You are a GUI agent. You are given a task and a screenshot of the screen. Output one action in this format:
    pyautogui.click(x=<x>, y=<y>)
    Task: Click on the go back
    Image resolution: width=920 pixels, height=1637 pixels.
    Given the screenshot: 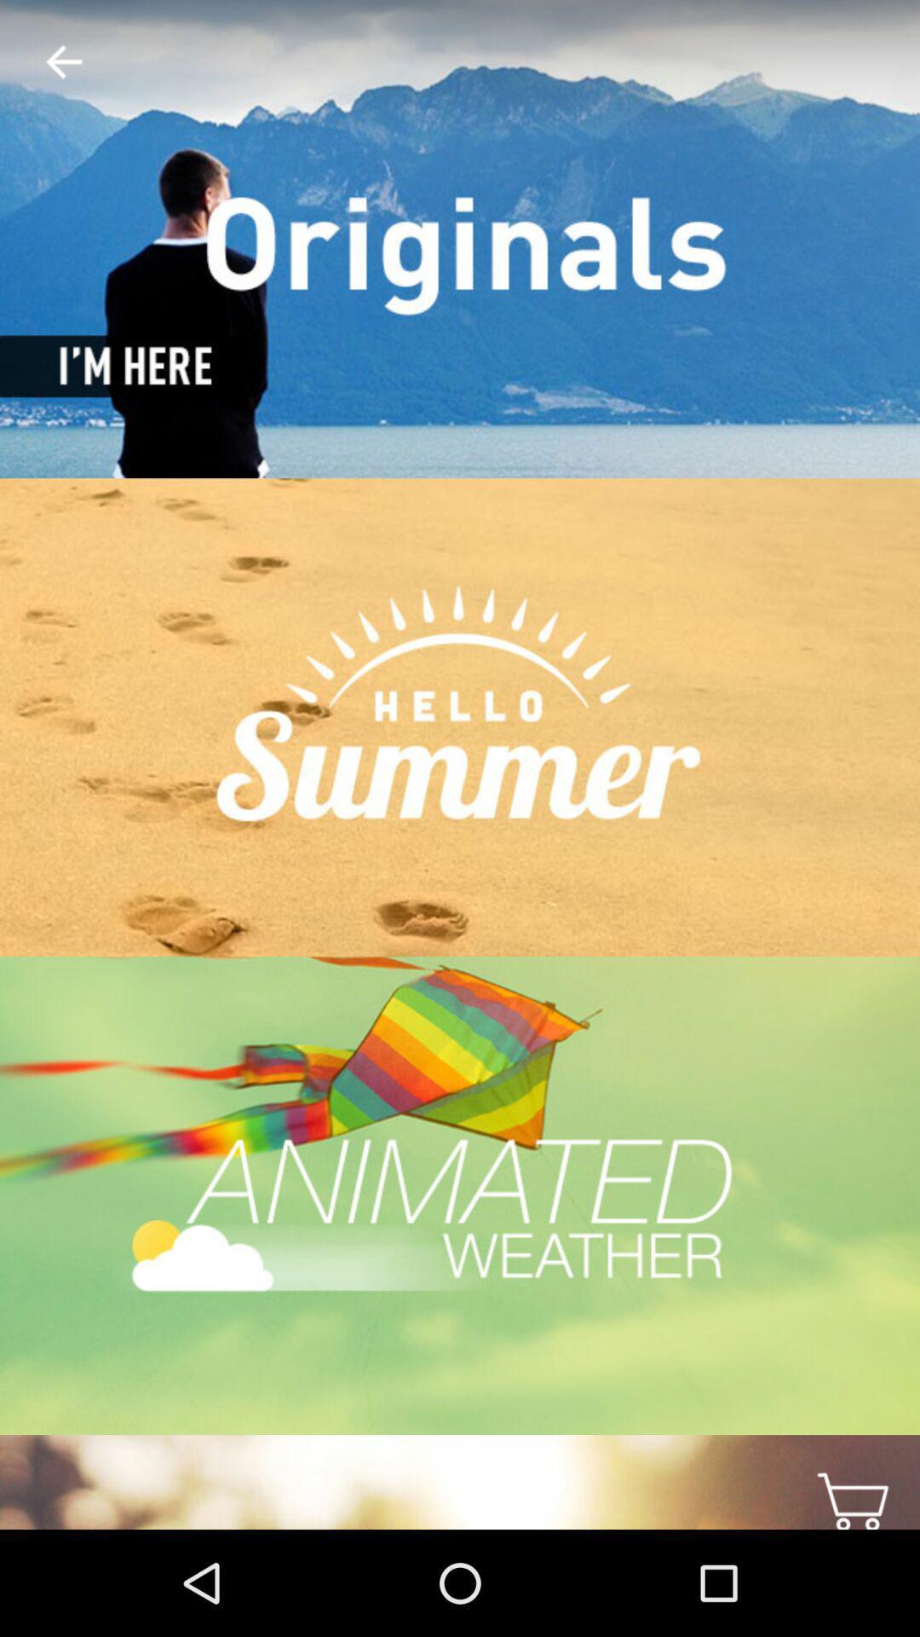 What is the action you would take?
    pyautogui.click(x=49, y=62)
    